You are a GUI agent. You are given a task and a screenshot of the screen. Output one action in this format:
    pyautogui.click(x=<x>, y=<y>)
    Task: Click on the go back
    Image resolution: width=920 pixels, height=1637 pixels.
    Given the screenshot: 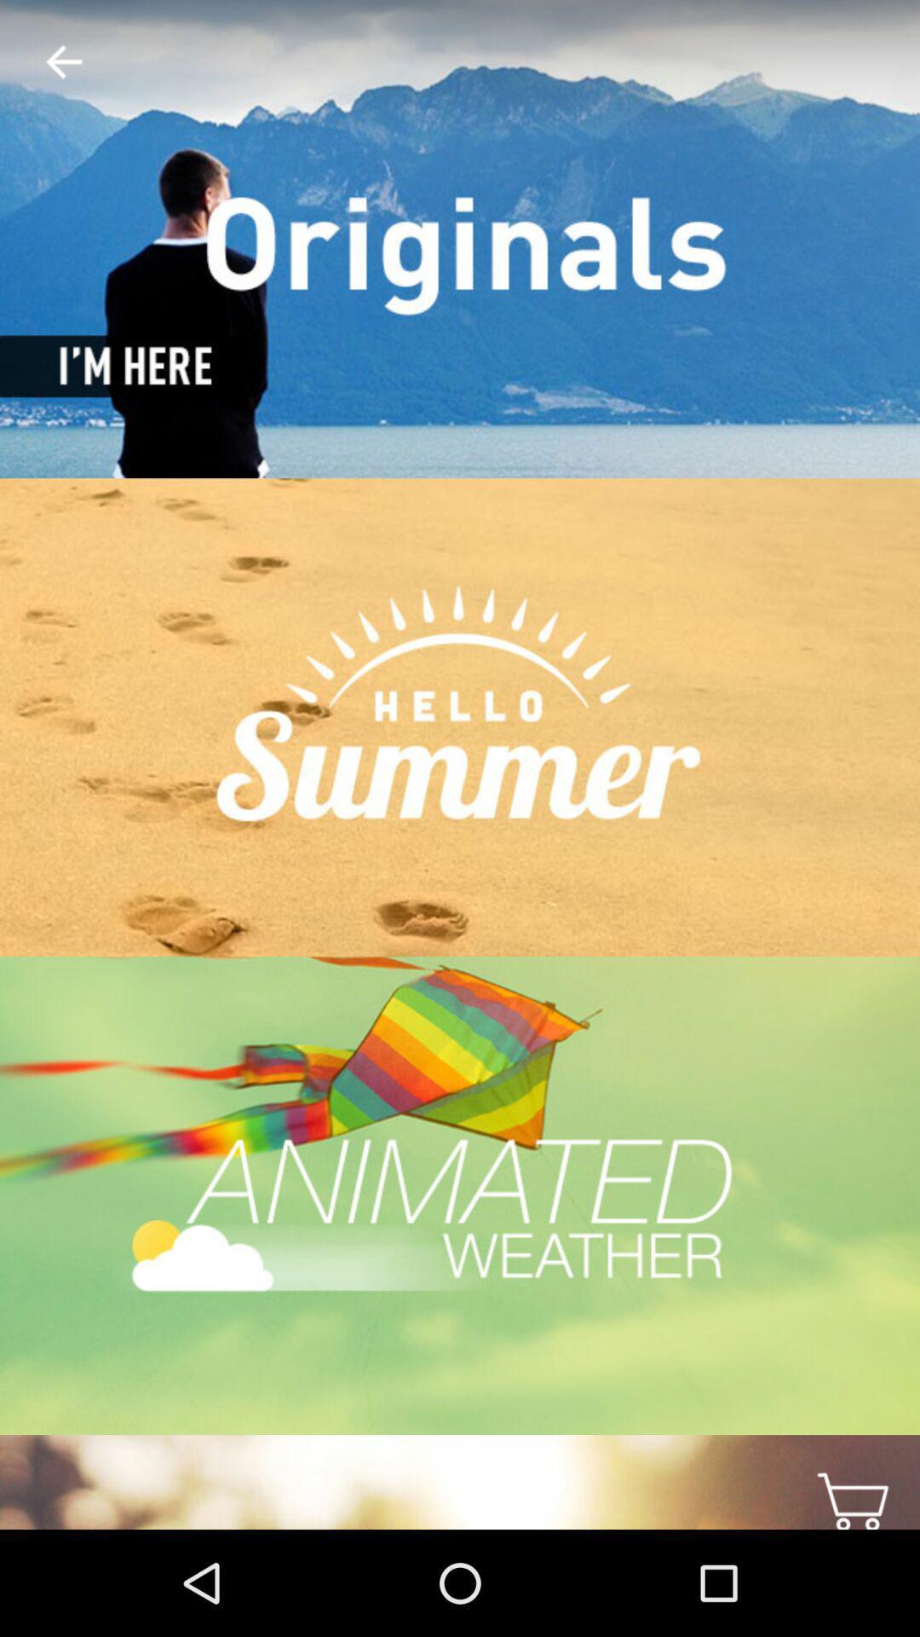 What is the action you would take?
    pyautogui.click(x=49, y=62)
    